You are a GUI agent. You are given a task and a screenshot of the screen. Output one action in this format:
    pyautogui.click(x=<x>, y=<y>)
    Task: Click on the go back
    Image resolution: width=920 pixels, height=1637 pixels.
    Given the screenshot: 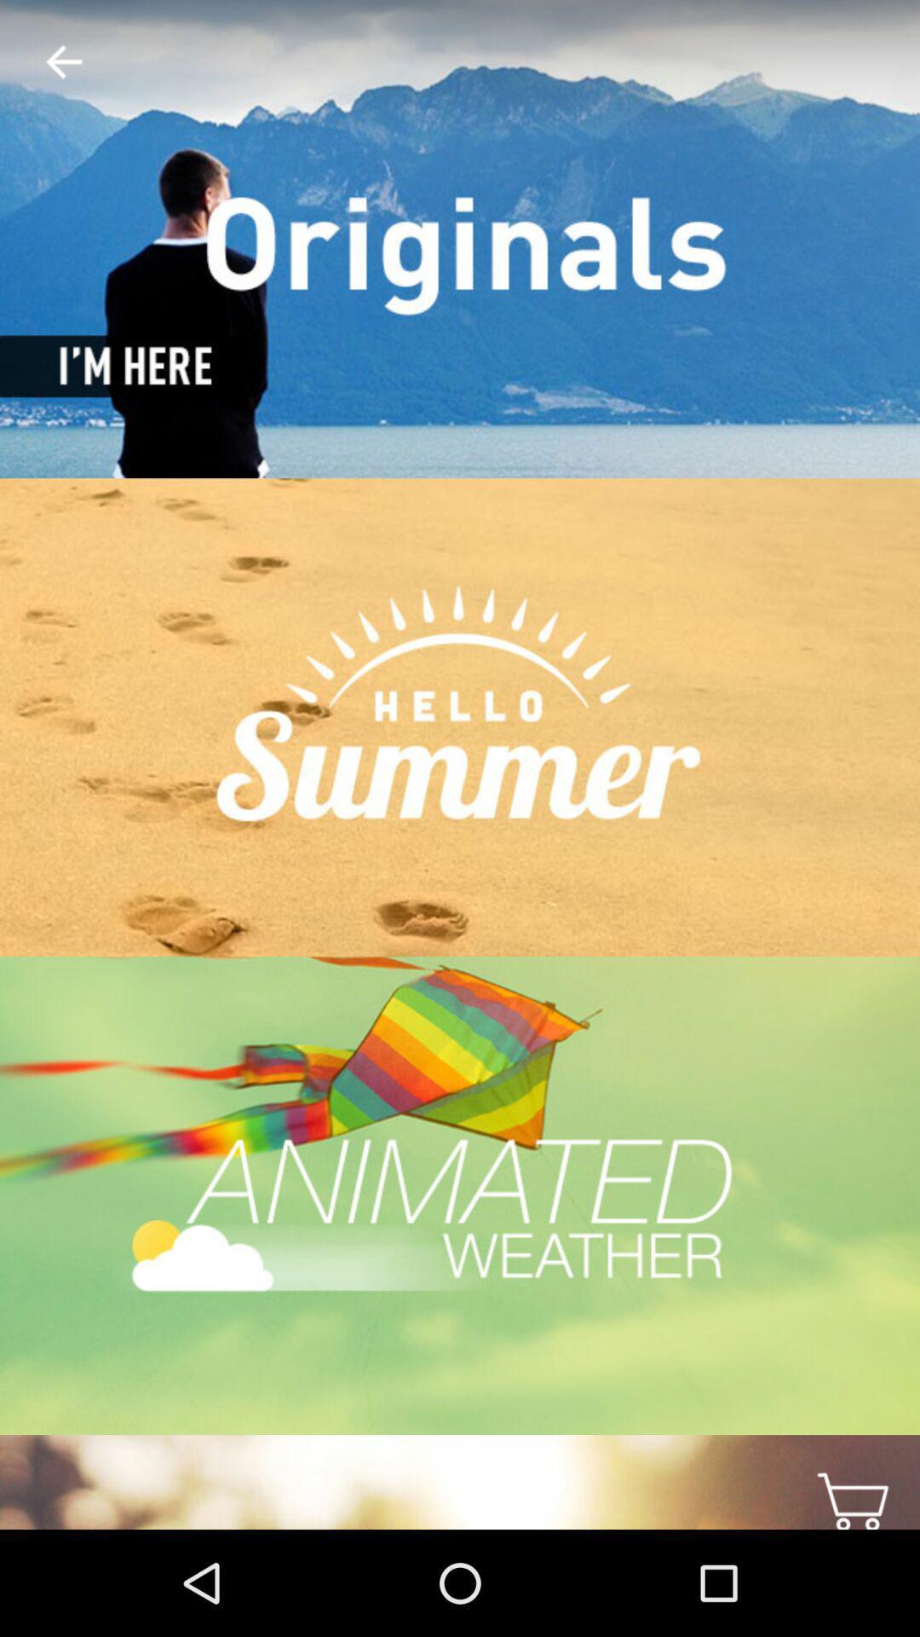 What is the action you would take?
    pyautogui.click(x=49, y=62)
    